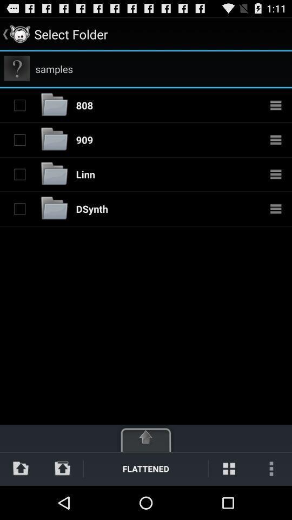 The height and width of the screenshot is (520, 292). I want to click on a folder, so click(19, 105).